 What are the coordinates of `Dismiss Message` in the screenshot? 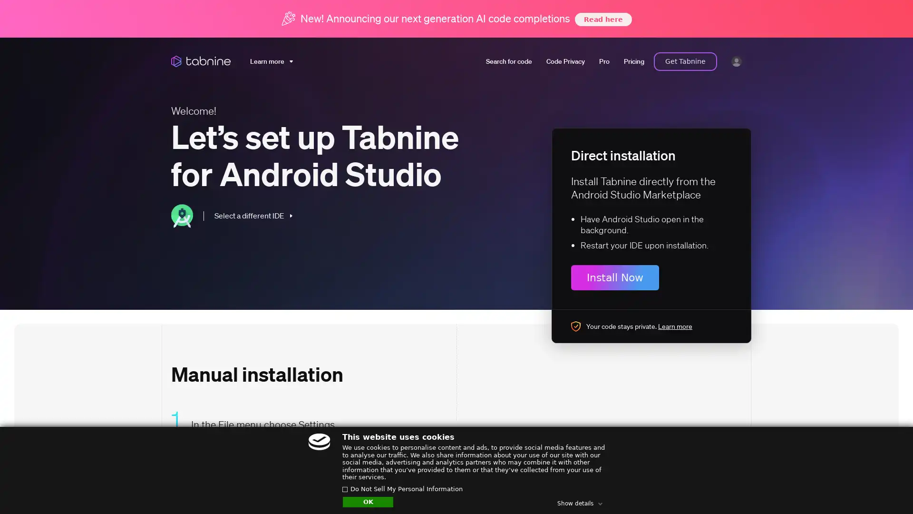 It's located at (863, 477).